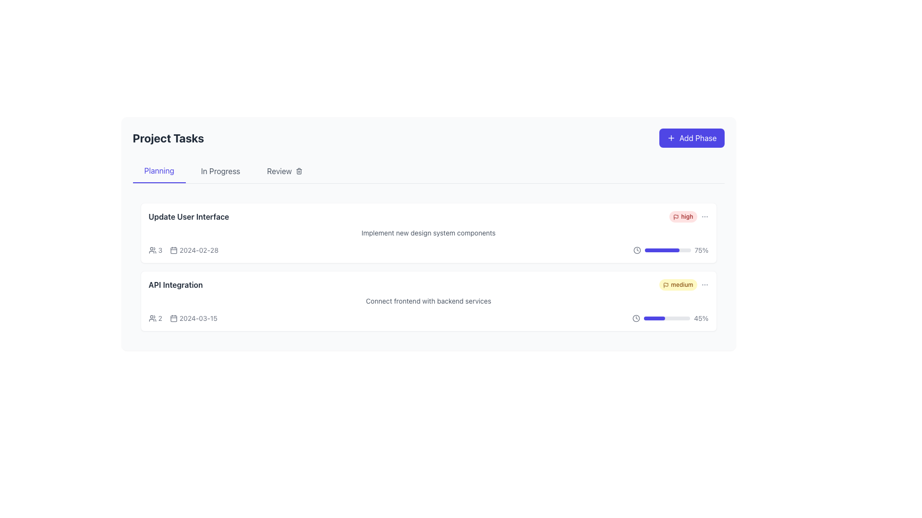  What do you see at coordinates (691, 138) in the screenshot?
I see `the blue 'Add Phase' button with a white plus icon located in the top-right corner of the 'Project Tasks' header` at bounding box center [691, 138].